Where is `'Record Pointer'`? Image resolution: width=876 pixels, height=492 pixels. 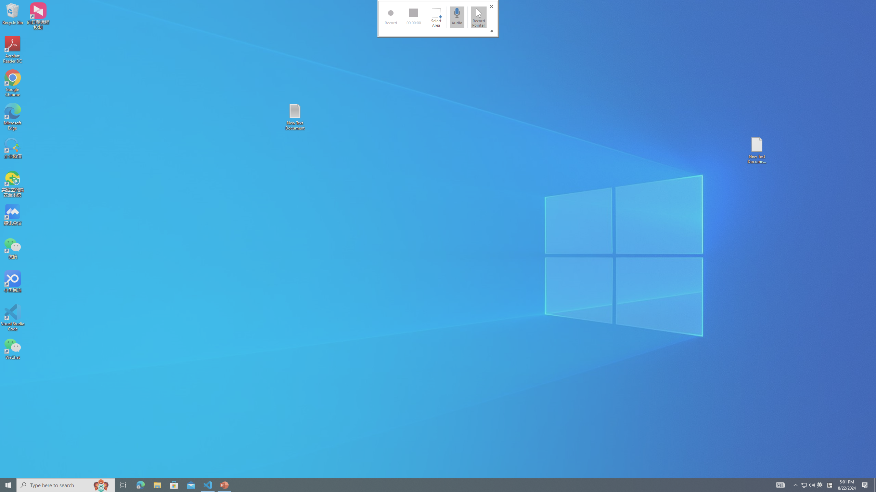 'Record Pointer' is located at coordinates (478, 17).